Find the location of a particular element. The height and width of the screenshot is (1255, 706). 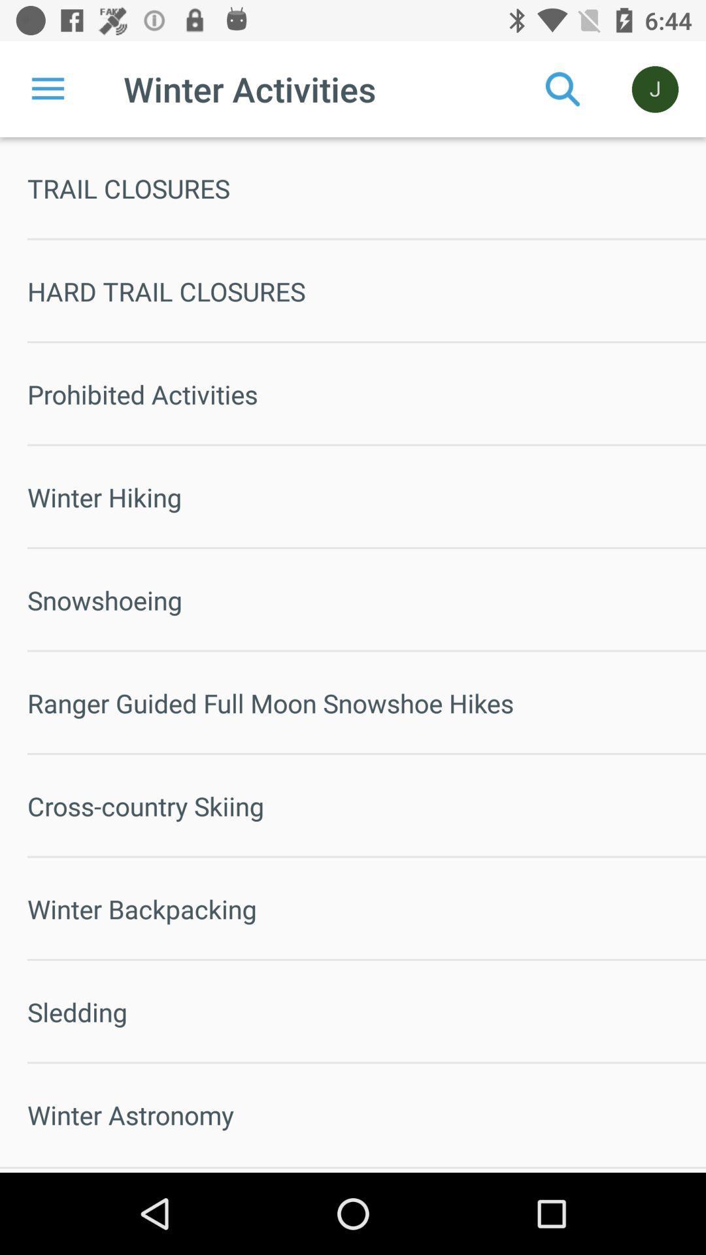

the icon above trail closures icon is located at coordinates (655, 88).